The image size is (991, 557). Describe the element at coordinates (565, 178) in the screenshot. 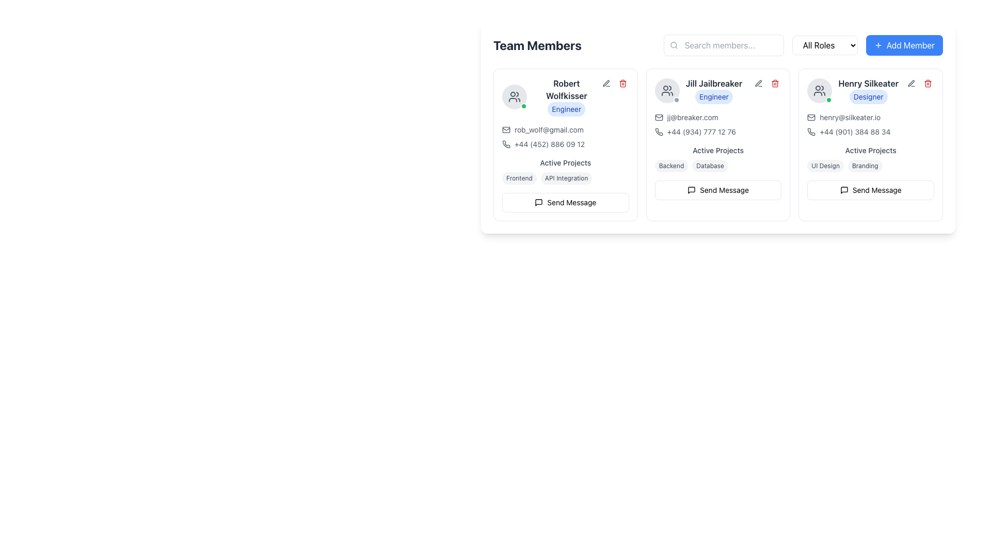

I see `the tag indicating that the person is involved in the 'Frontend' and 'API Integration' projects, located in the 'Active Projects' section below 'Robert Wolfkisser' and above the 'Send Message' button in the leftmost Team Members card` at that location.